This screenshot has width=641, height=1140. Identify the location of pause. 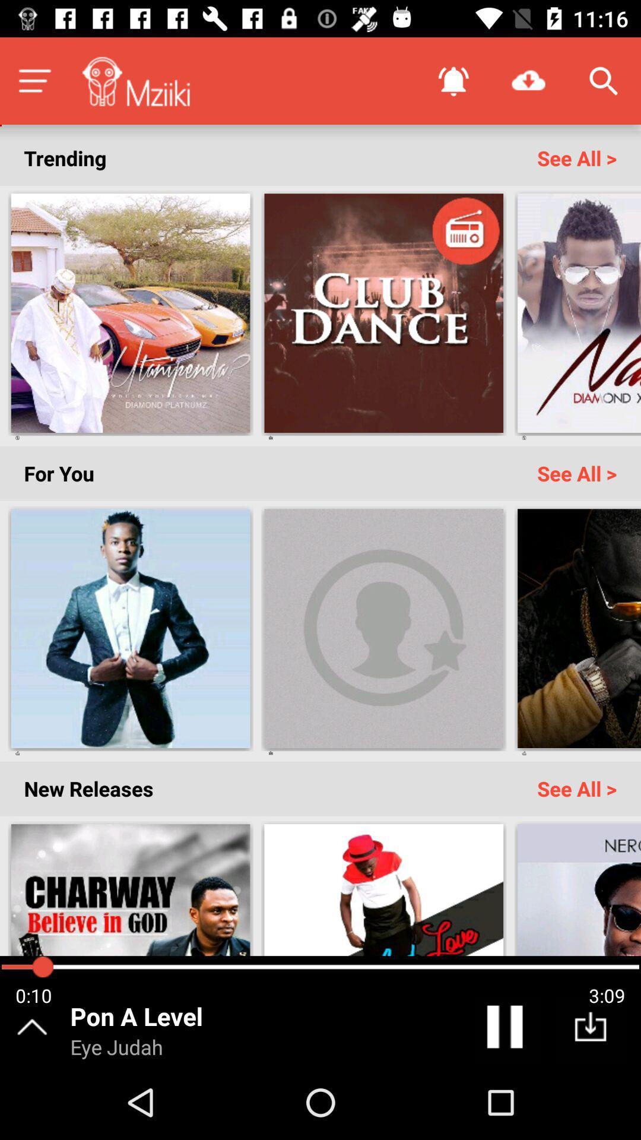
(507, 1029).